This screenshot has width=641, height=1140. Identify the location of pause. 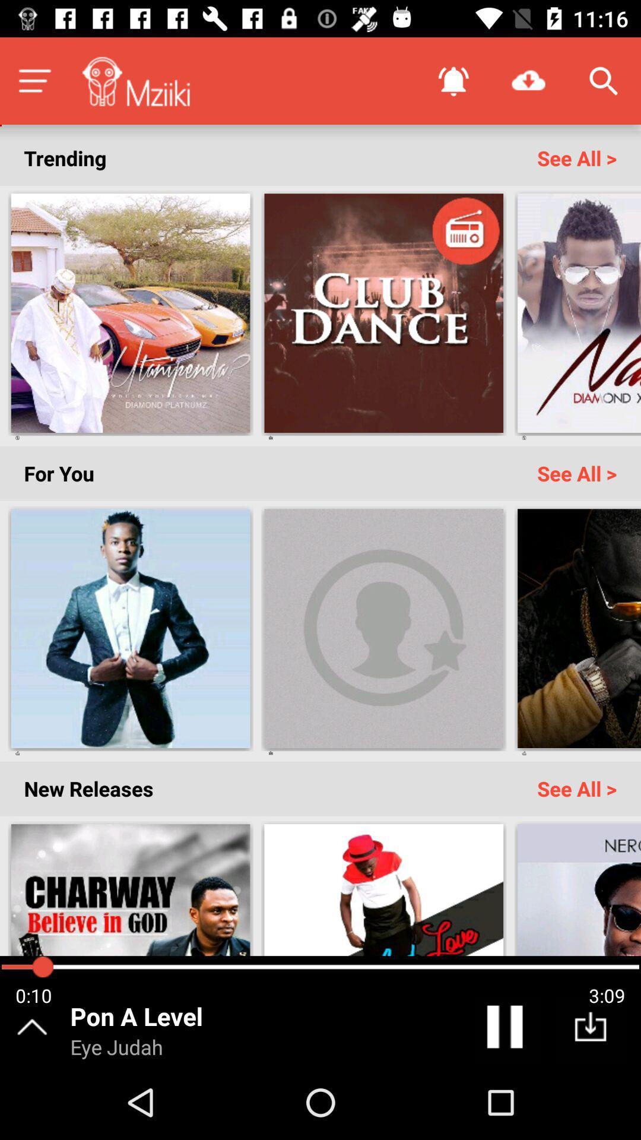
(507, 1029).